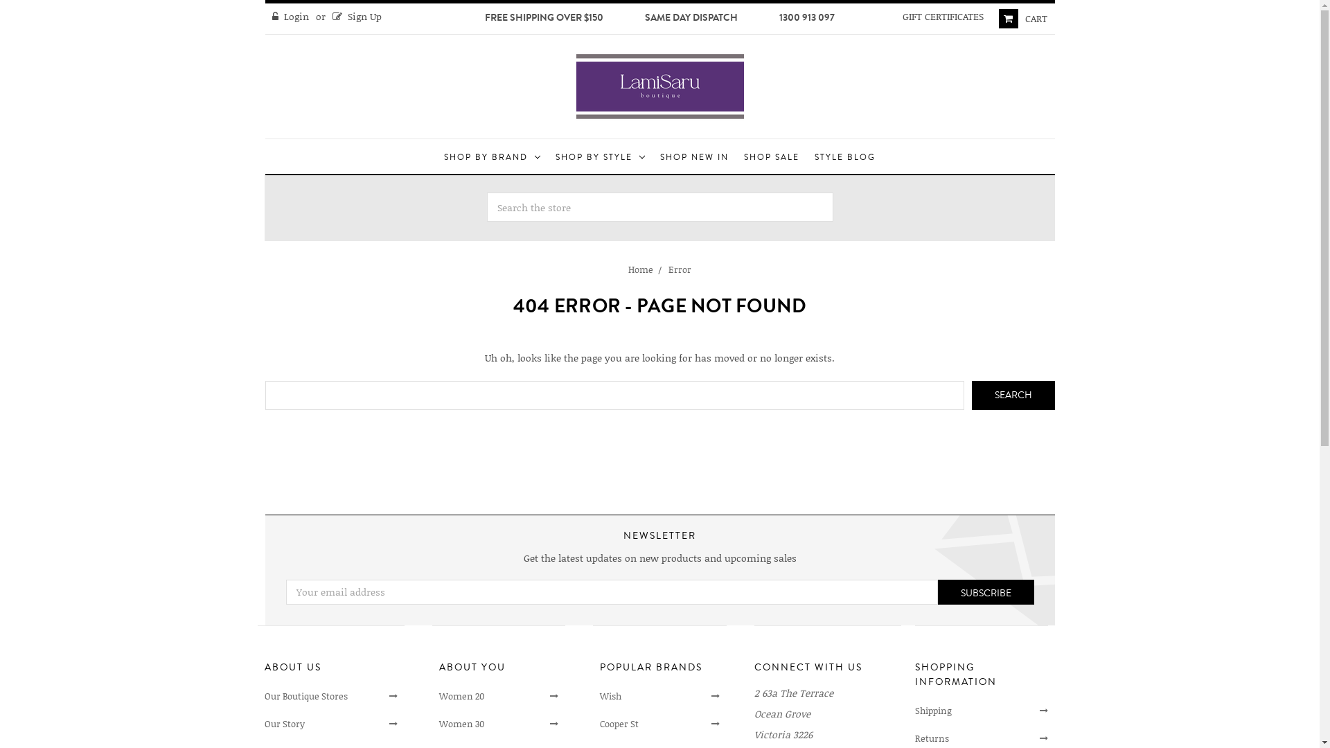 The height and width of the screenshot is (748, 1330). I want to click on 'SHOP SALE', so click(770, 156).